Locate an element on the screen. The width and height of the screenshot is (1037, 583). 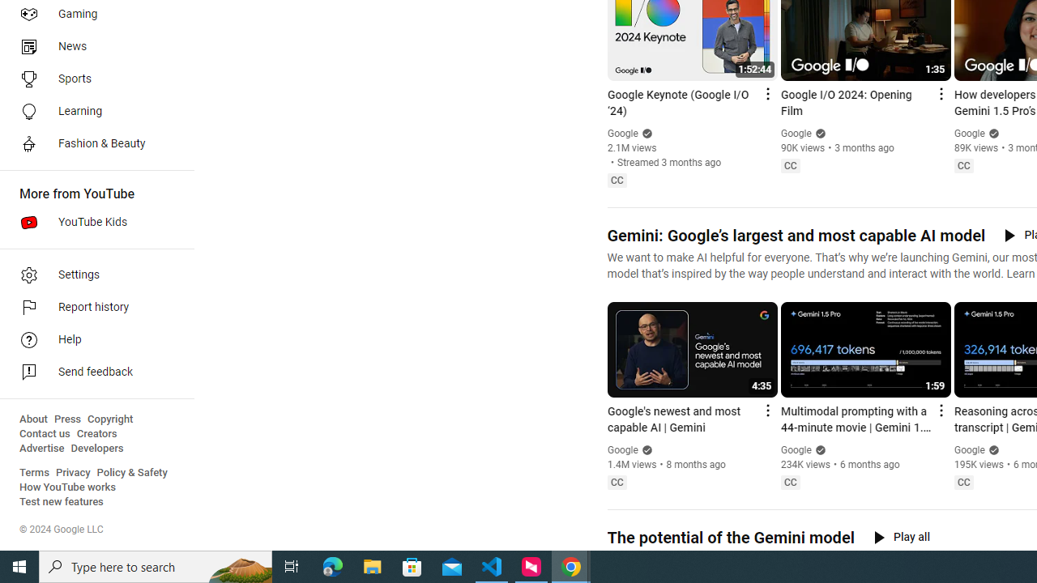
'Test new features' is located at coordinates (62, 501).